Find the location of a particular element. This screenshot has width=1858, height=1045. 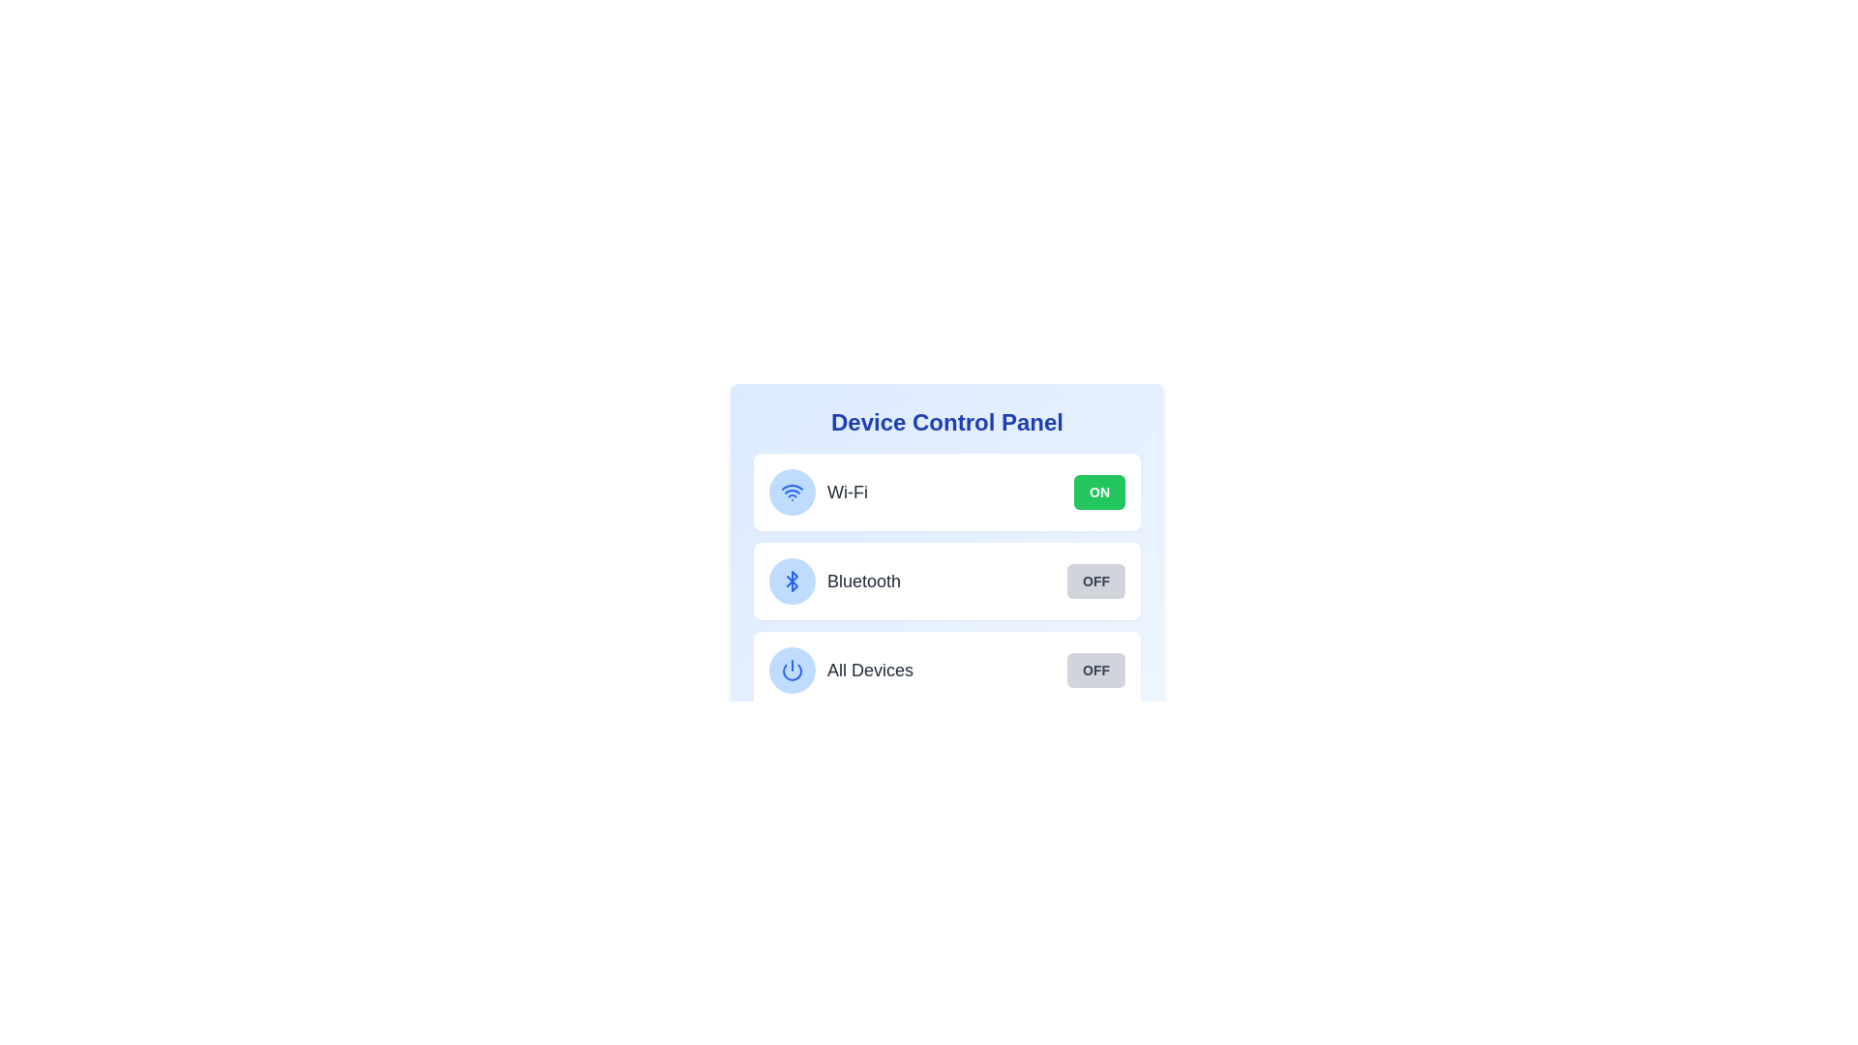

the Bluetooth icon, which is the second icon in the vertical arrangement within the control panel, situated below the Wi-Fi icon and above the All Devices icon is located at coordinates (793, 581).